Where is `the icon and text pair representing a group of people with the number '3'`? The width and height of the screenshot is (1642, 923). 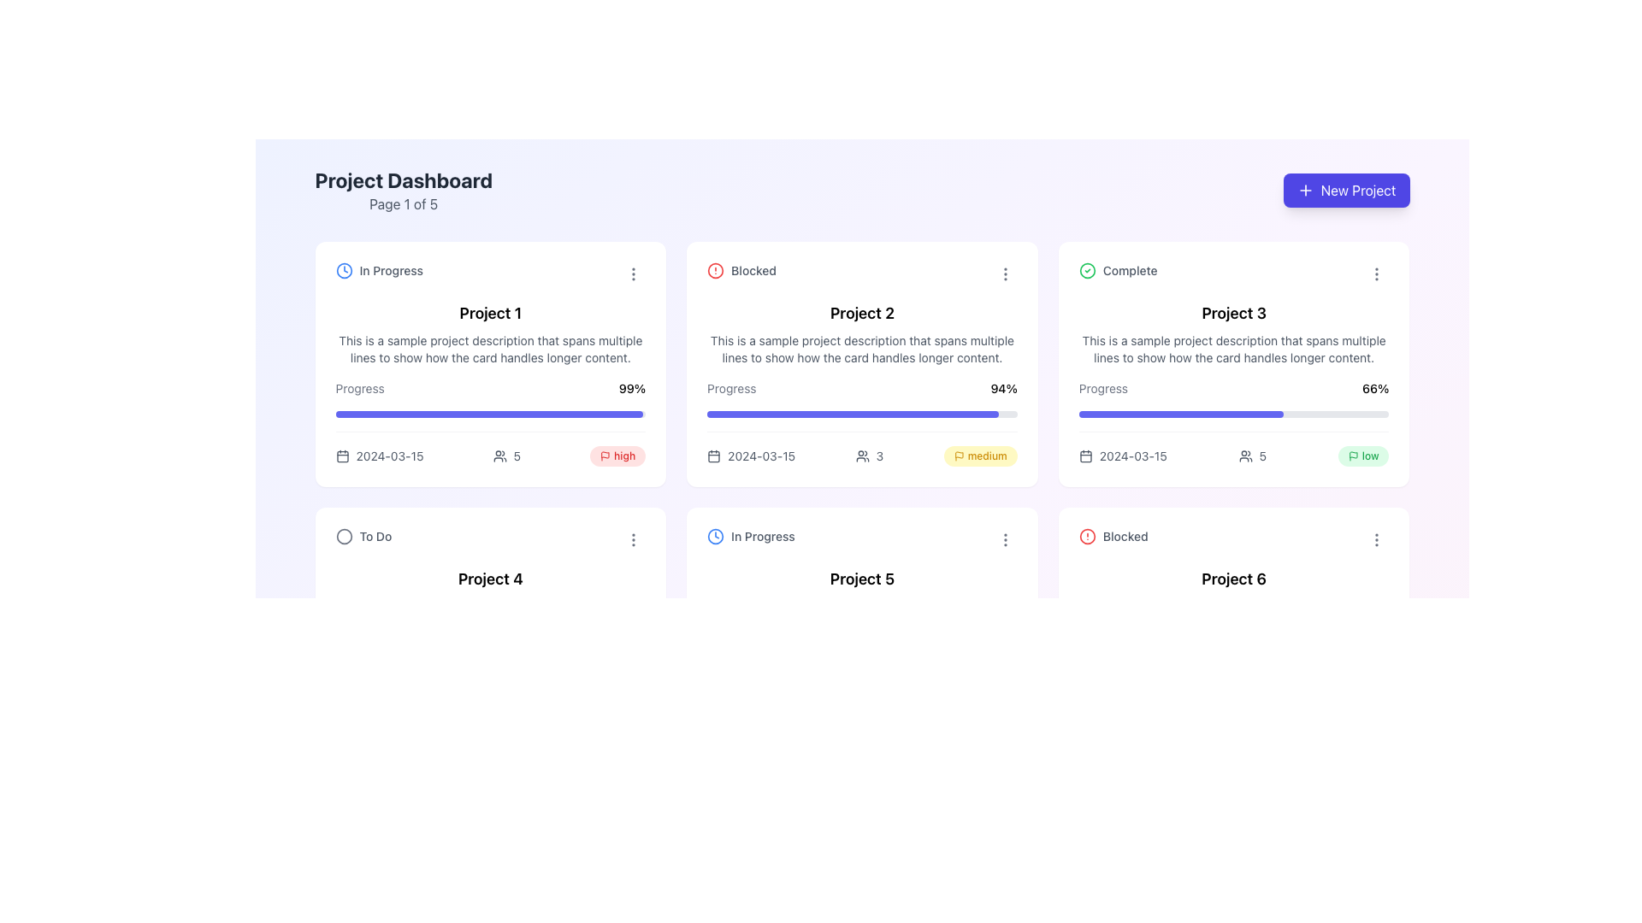 the icon and text pair representing a group of people with the number '3' is located at coordinates (869, 455).